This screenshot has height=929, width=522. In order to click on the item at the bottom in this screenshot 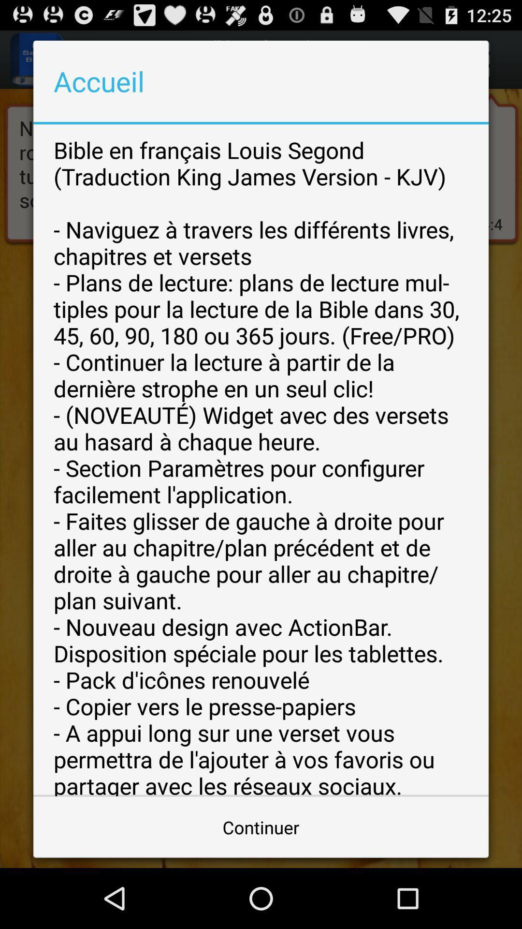, I will do `click(261, 826)`.